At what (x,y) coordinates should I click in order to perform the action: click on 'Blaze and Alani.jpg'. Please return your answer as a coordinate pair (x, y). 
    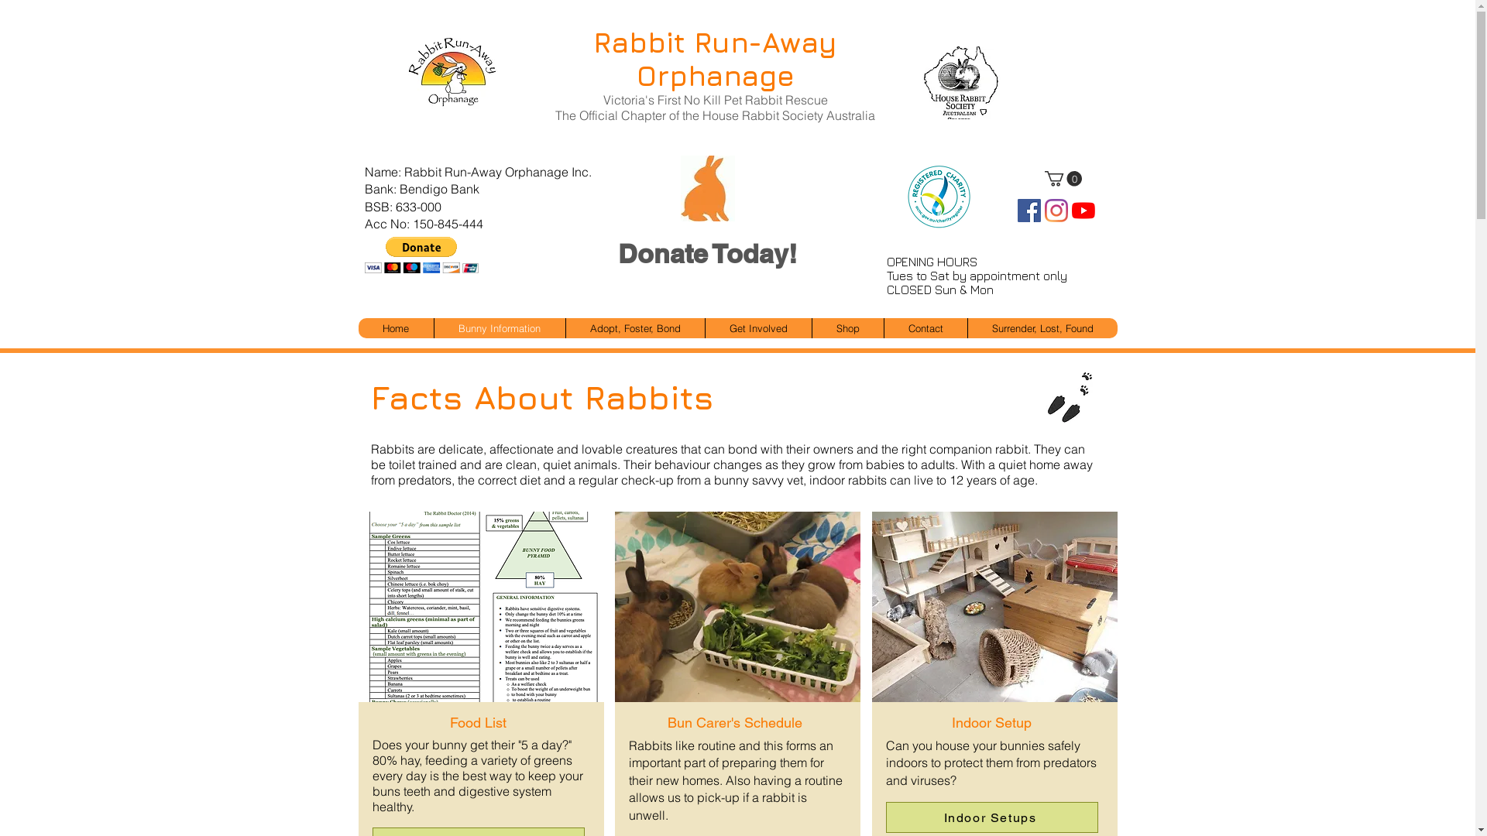
    Looking at the image, I should click on (479, 599).